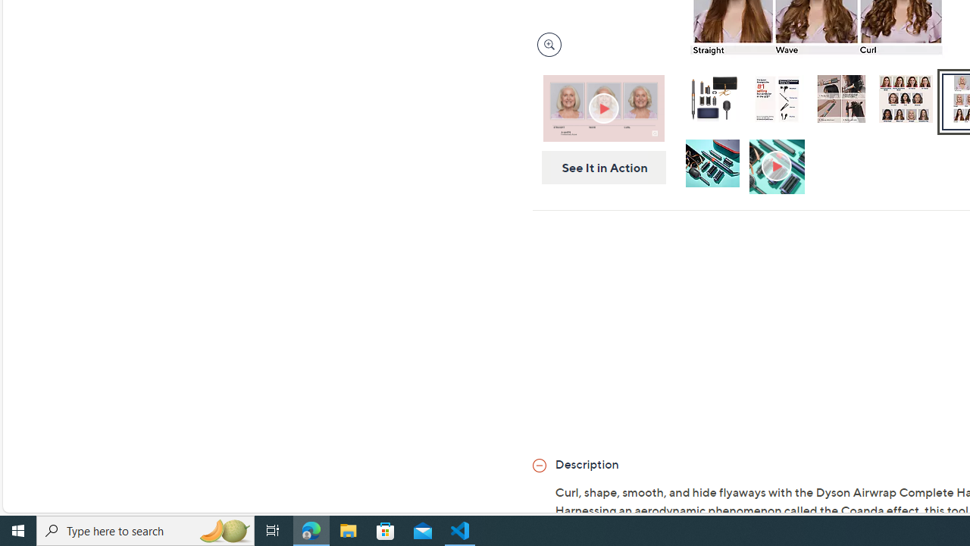 The image size is (970, 546). I want to click on 'Dyson Airwrap Complete with Paddle Brush and Travel Pouch', so click(711, 98).